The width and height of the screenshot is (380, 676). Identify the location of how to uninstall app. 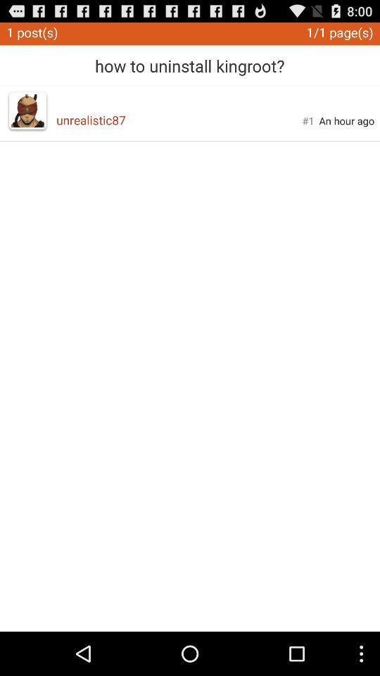
(189, 61).